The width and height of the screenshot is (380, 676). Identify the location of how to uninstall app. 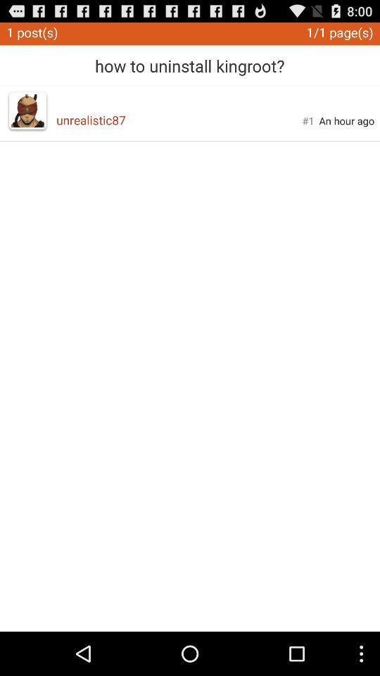
(189, 61).